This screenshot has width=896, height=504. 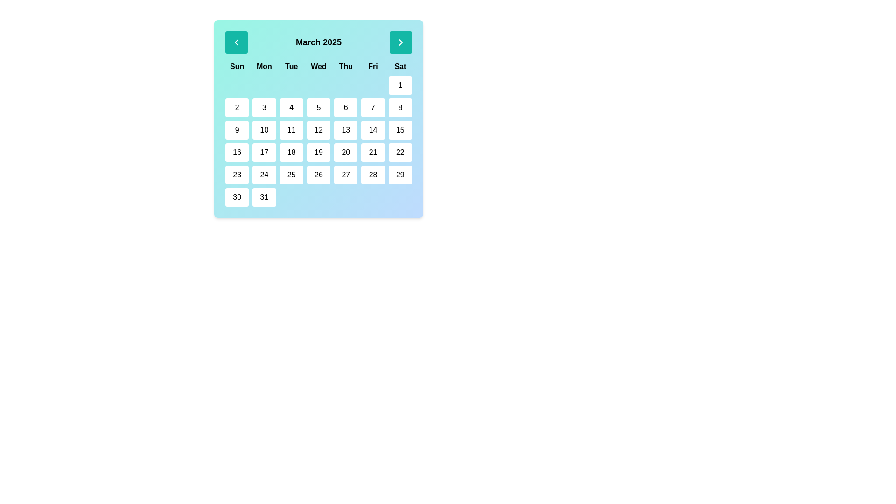 What do you see at coordinates (400, 130) in the screenshot?
I see `the white rounded square button with the black number '15' centered in it, located in the third column of the third row of the calendar grid under the 'Sat' header` at bounding box center [400, 130].